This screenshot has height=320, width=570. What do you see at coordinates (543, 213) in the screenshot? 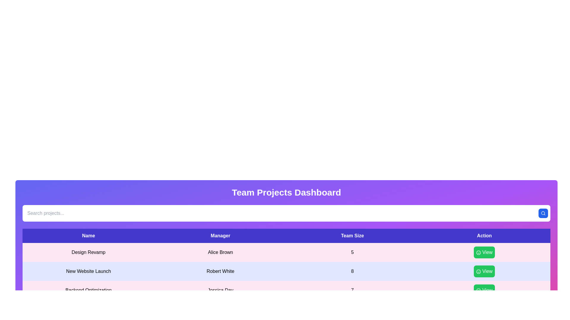
I see `the button with a magnifying glass icon, which has a blue background and white text, located to the far right of the search input field` at bounding box center [543, 213].